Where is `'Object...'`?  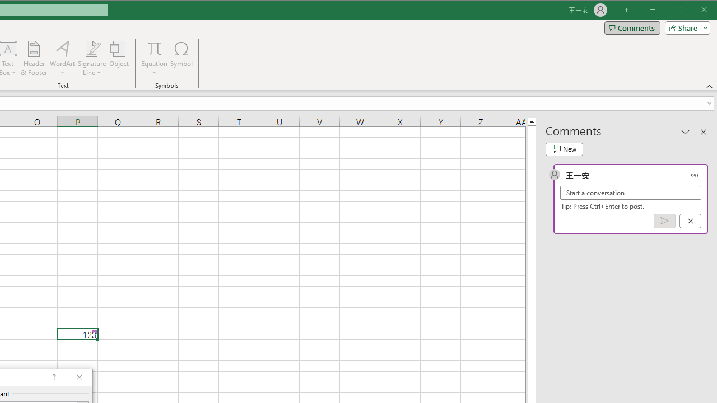
'Object...' is located at coordinates (119, 58).